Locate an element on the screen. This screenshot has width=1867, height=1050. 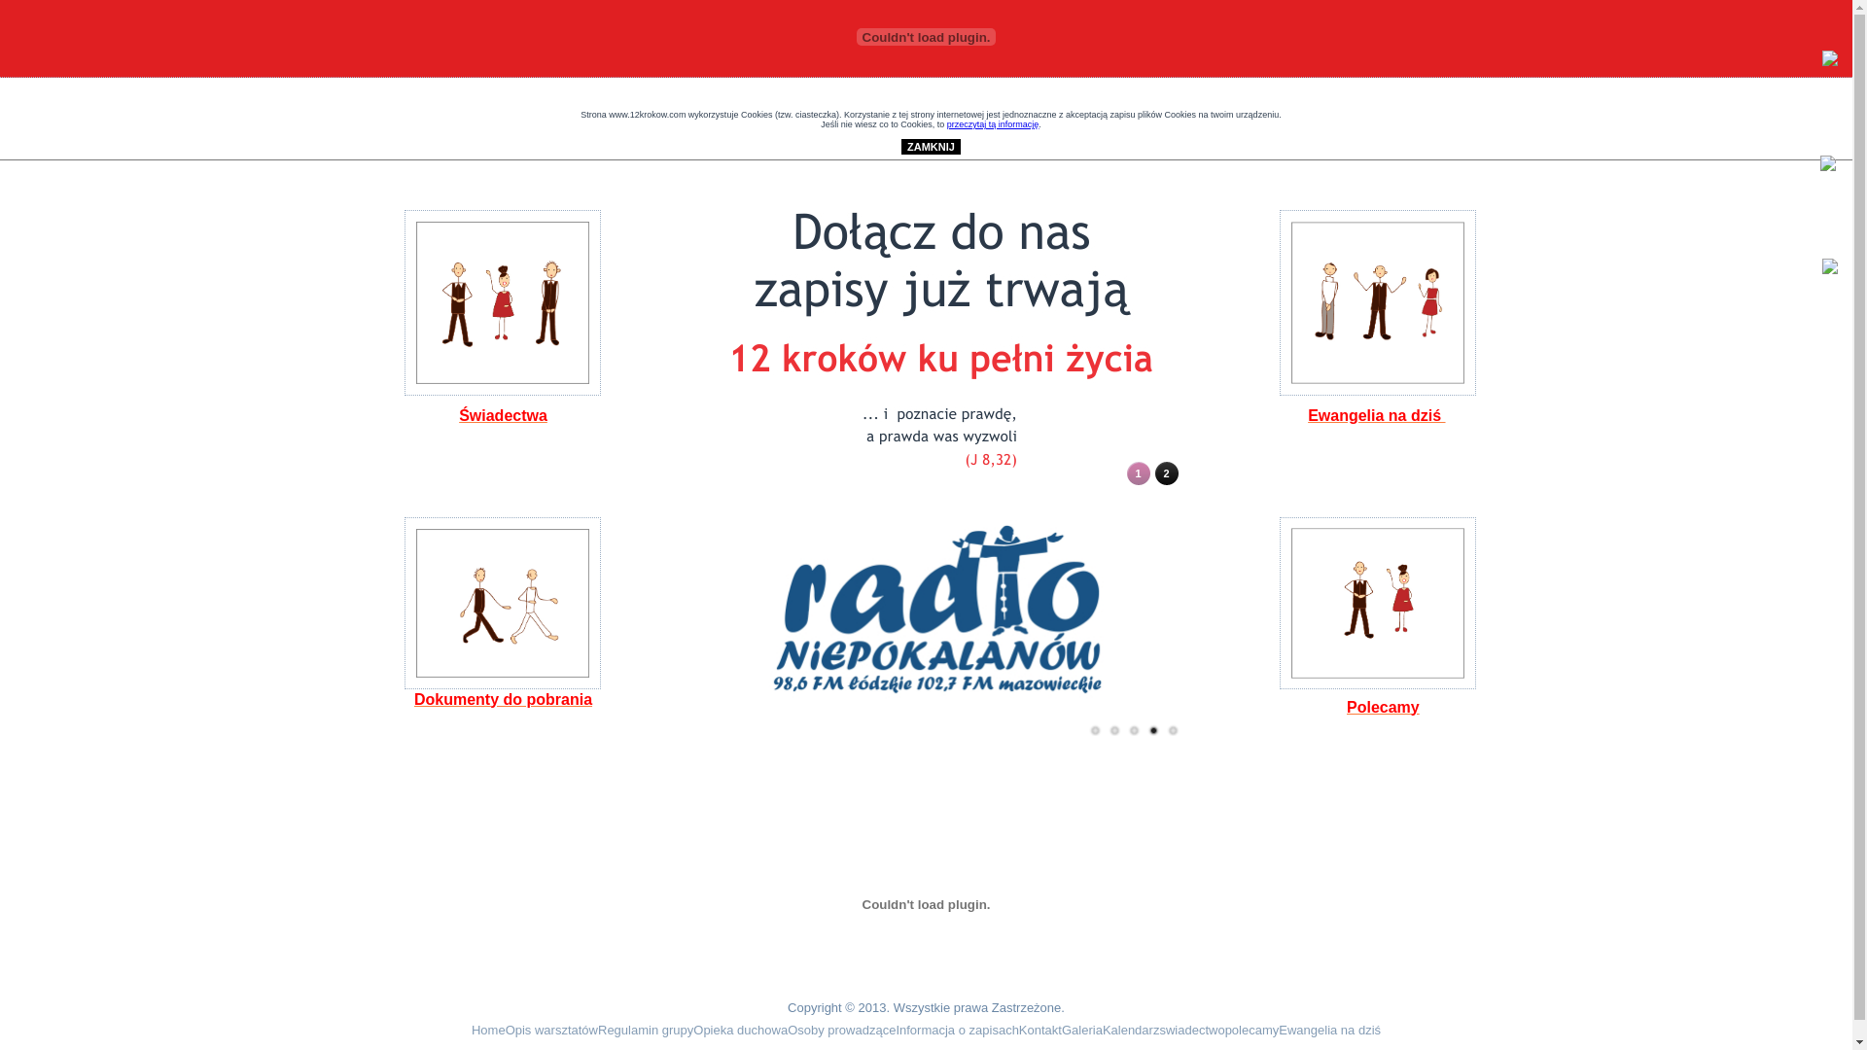
'Galeria' is located at coordinates (1081, 1030).